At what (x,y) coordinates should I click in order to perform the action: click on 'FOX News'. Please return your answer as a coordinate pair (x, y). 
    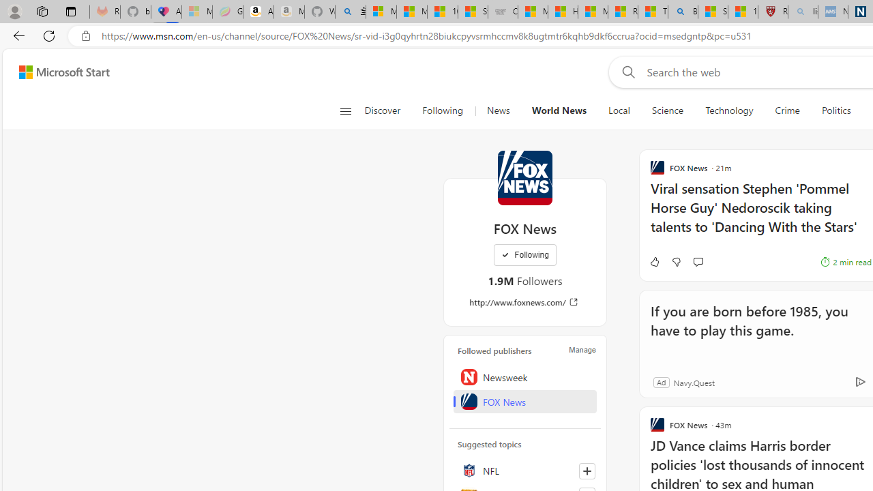
    Looking at the image, I should click on (524, 400).